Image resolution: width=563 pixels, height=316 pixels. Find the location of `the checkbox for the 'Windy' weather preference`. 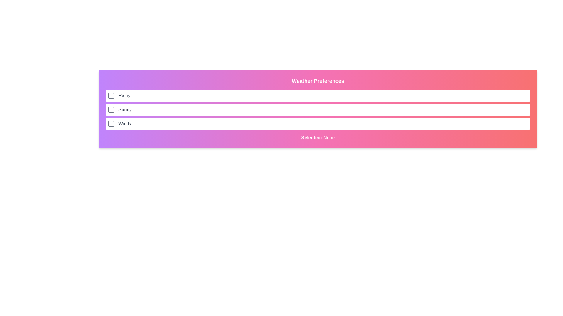

the checkbox for the 'Windy' weather preference is located at coordinates (318, 123).